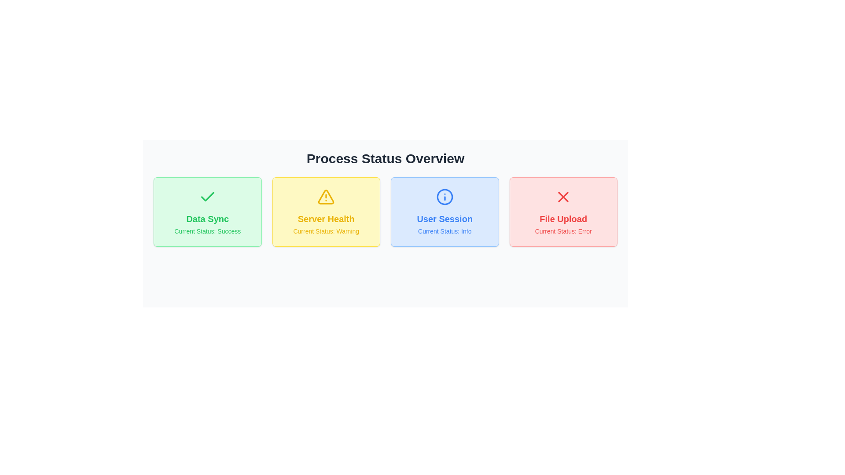 The image size is (845, 475). What do you see at coordinates (563, 212) in the screenshot?
I see `the 'File Upload' status indication card, which currently shows an error and is positioned as the fourth card in a grid layout` at bounding box center [563, 212].